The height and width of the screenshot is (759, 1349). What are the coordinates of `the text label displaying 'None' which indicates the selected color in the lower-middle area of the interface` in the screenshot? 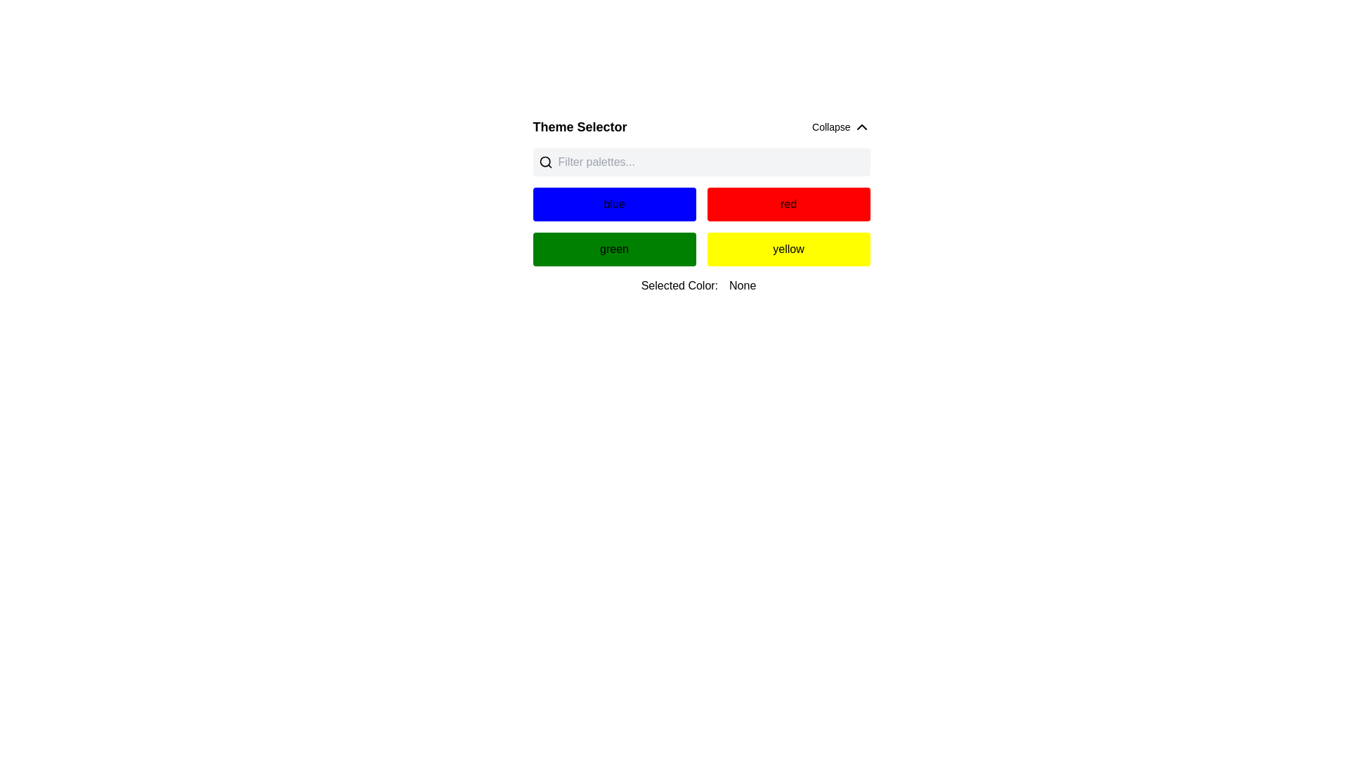 It's located at (742, 285).